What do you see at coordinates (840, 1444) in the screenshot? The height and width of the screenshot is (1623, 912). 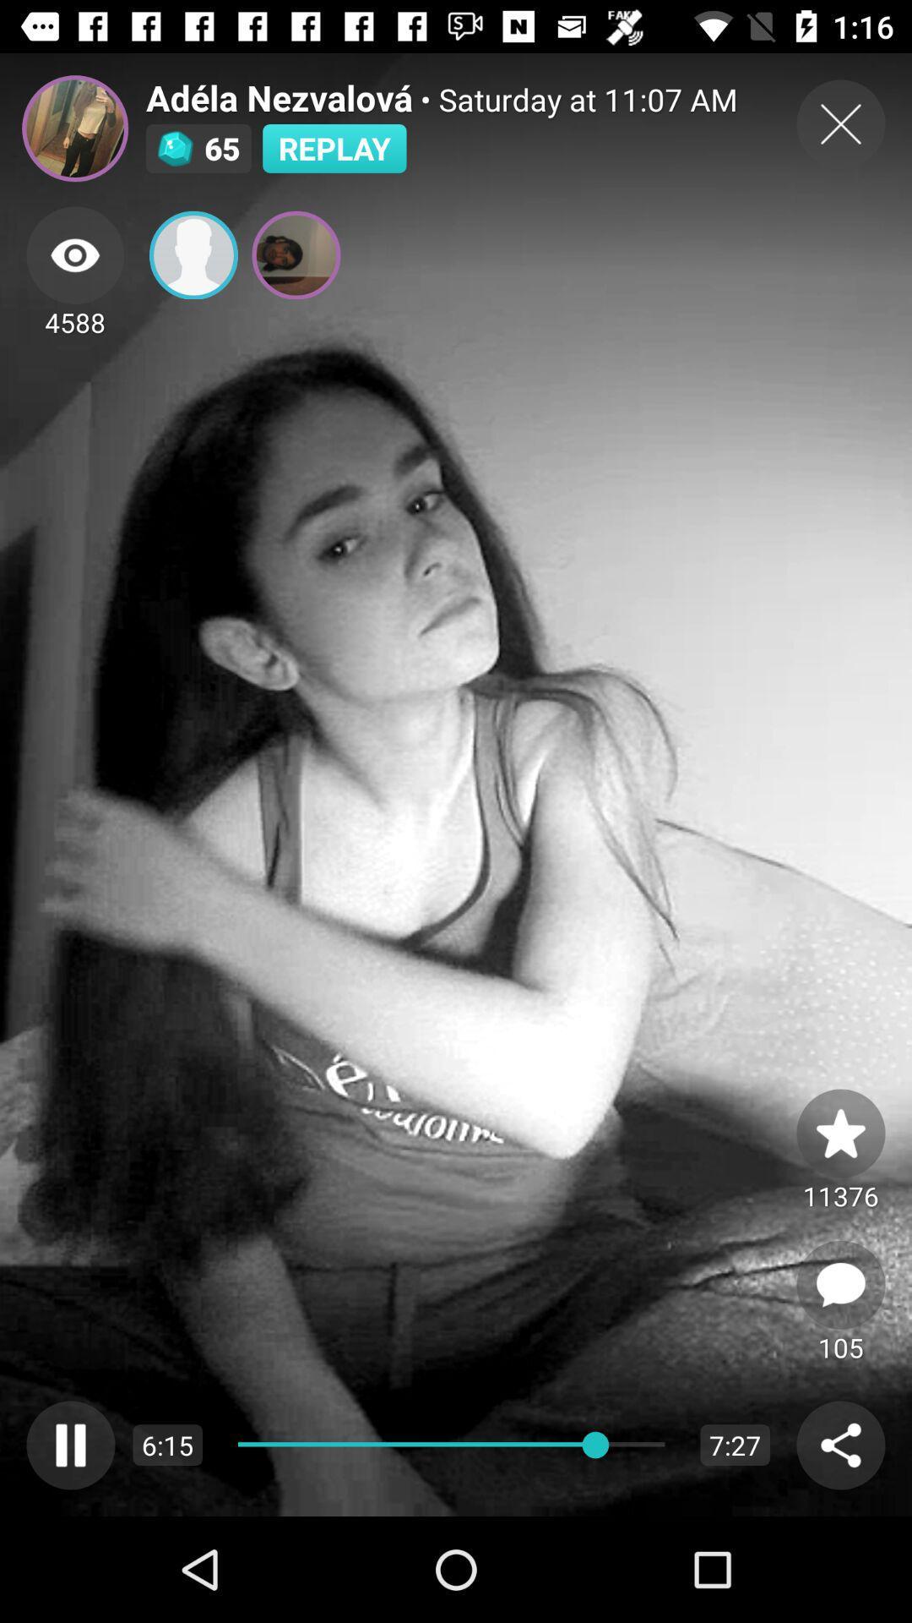 I see `the share icon` at bounding box center [840, 1444].